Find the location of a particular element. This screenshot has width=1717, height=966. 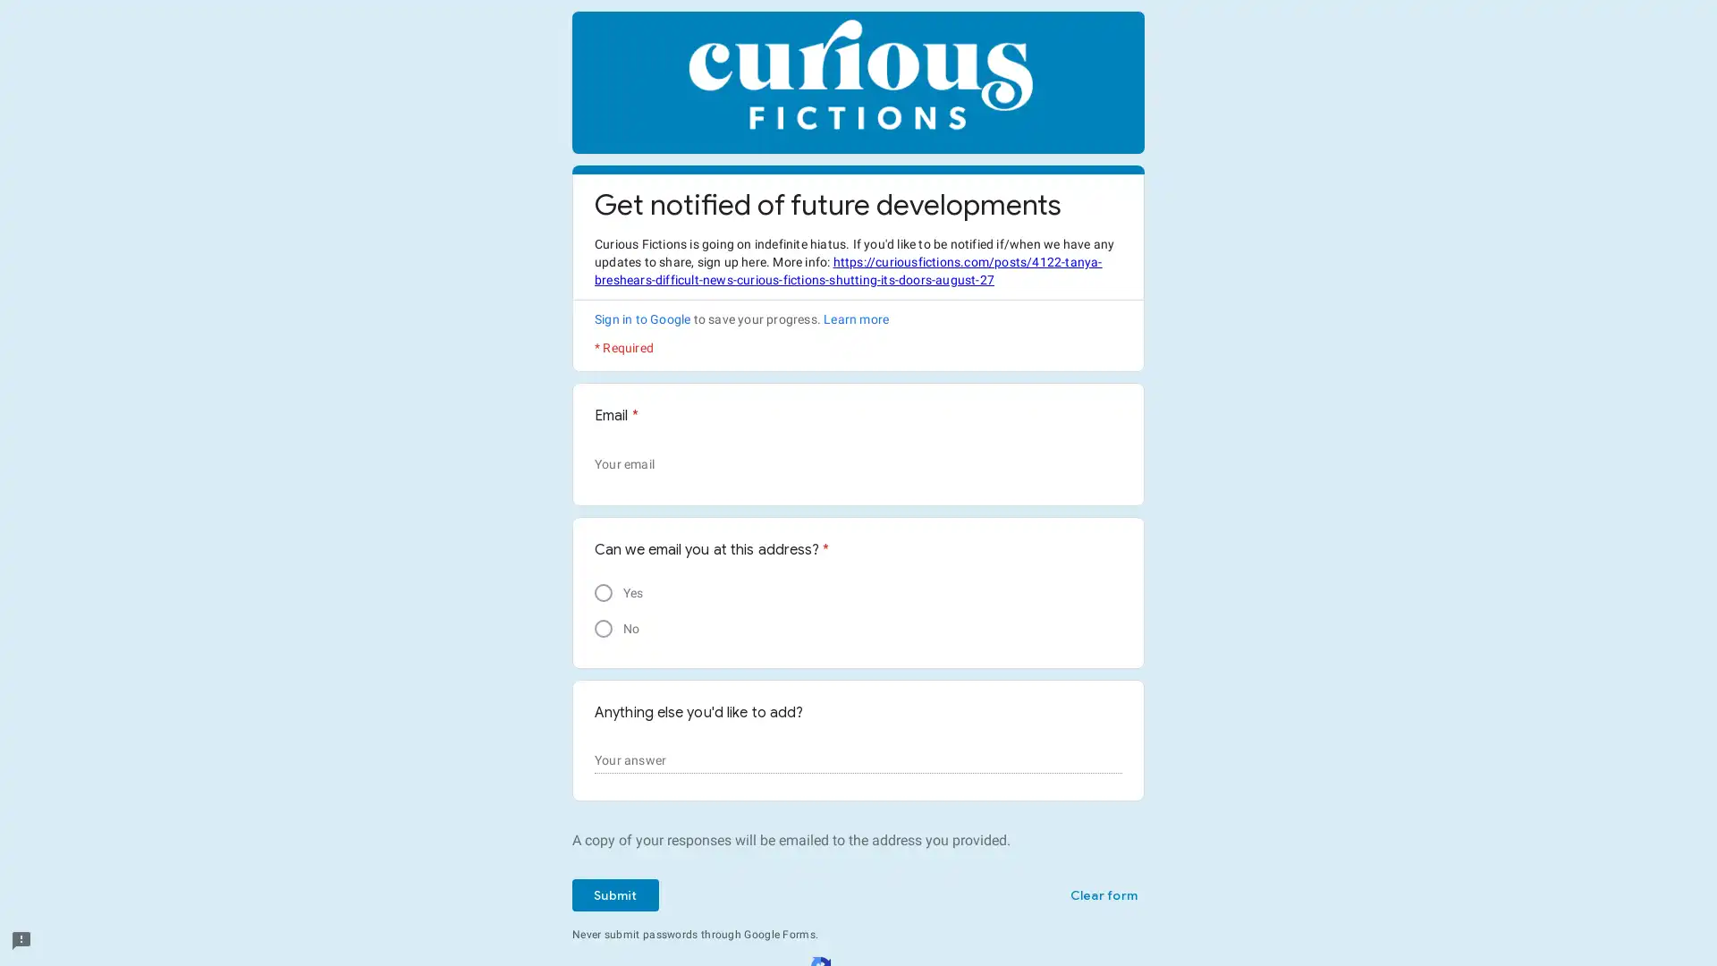

Submit is located at coordinates (614, 895).